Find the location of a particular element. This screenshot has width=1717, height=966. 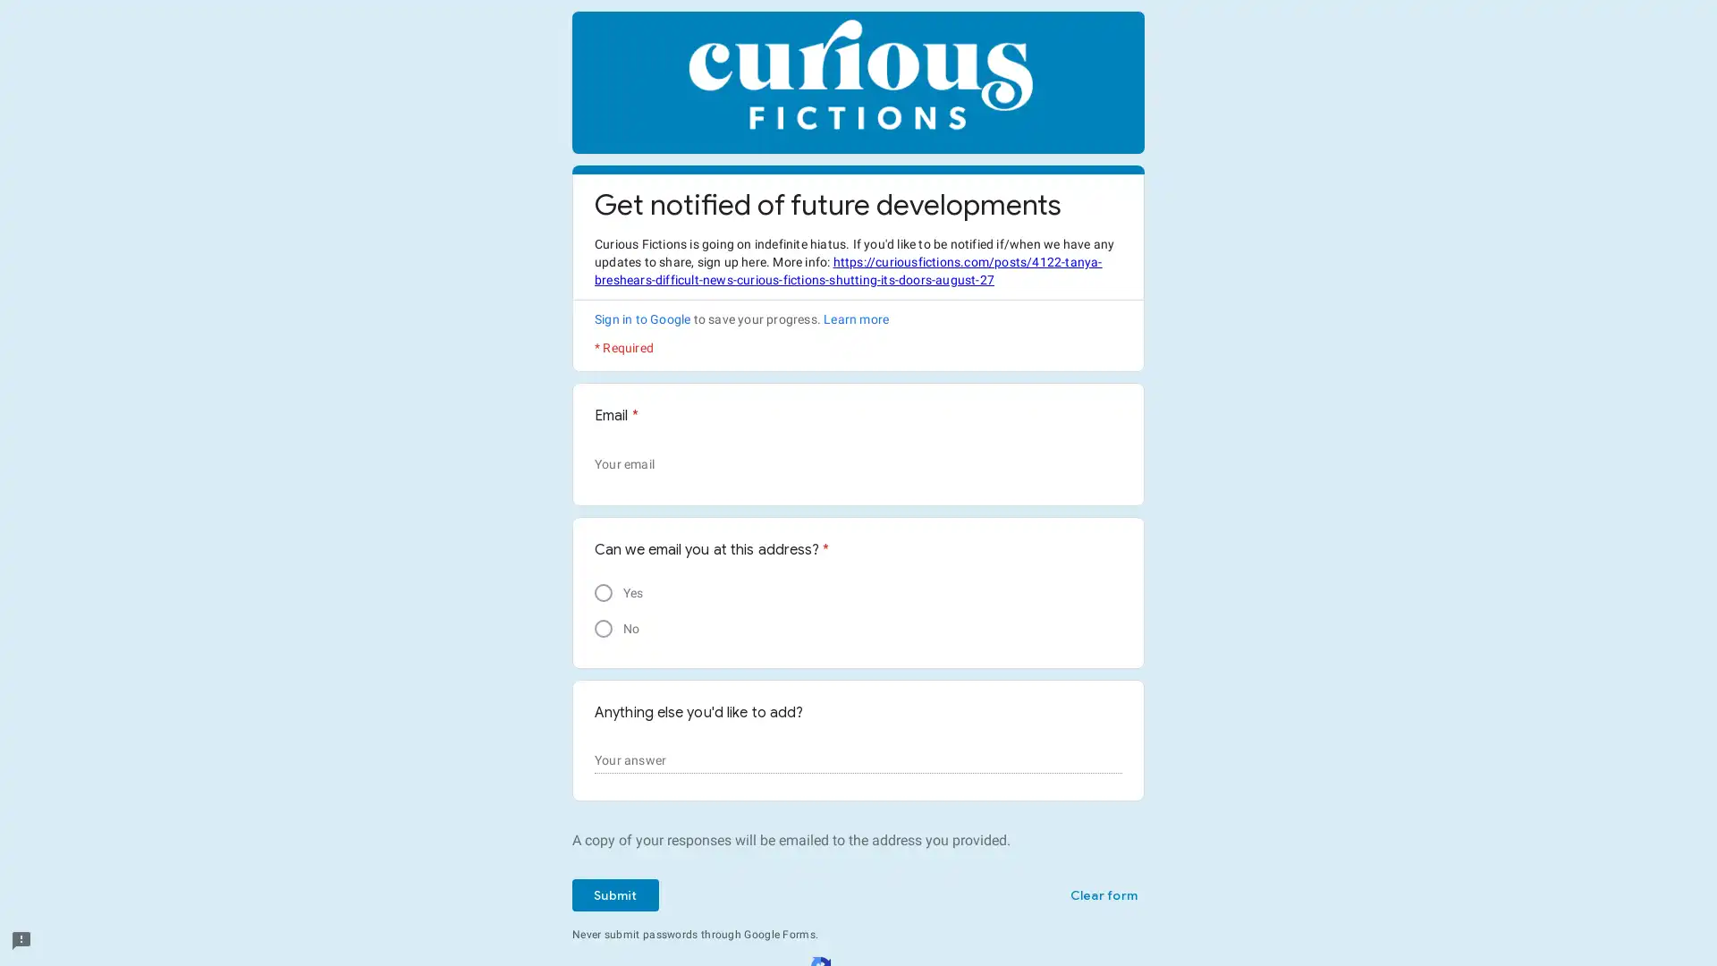

Submit is located at coordinates (614, 895).